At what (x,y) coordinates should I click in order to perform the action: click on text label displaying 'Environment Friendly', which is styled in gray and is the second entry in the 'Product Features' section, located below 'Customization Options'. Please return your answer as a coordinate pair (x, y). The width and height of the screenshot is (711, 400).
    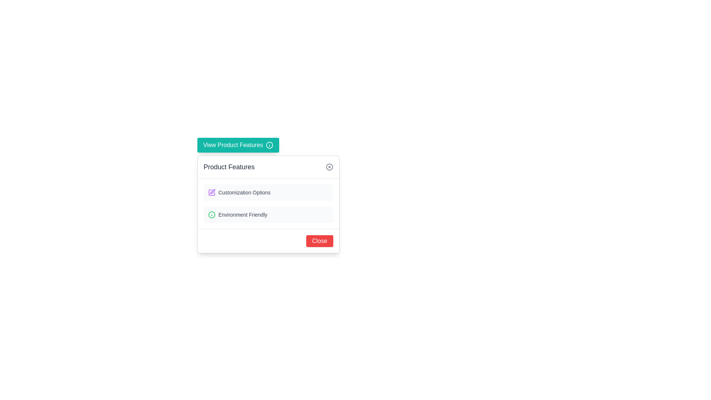
    Looking at the image, I should click on (243, 214).